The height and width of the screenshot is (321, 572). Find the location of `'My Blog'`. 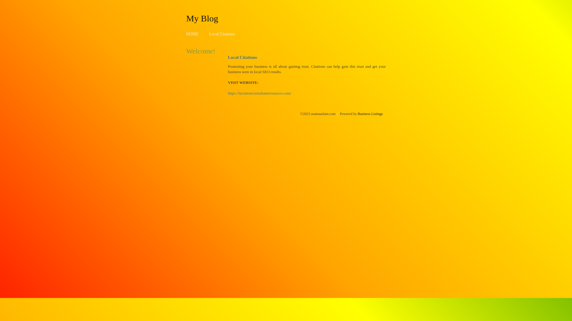

'My Blog' is located at coordinates (202, 18).